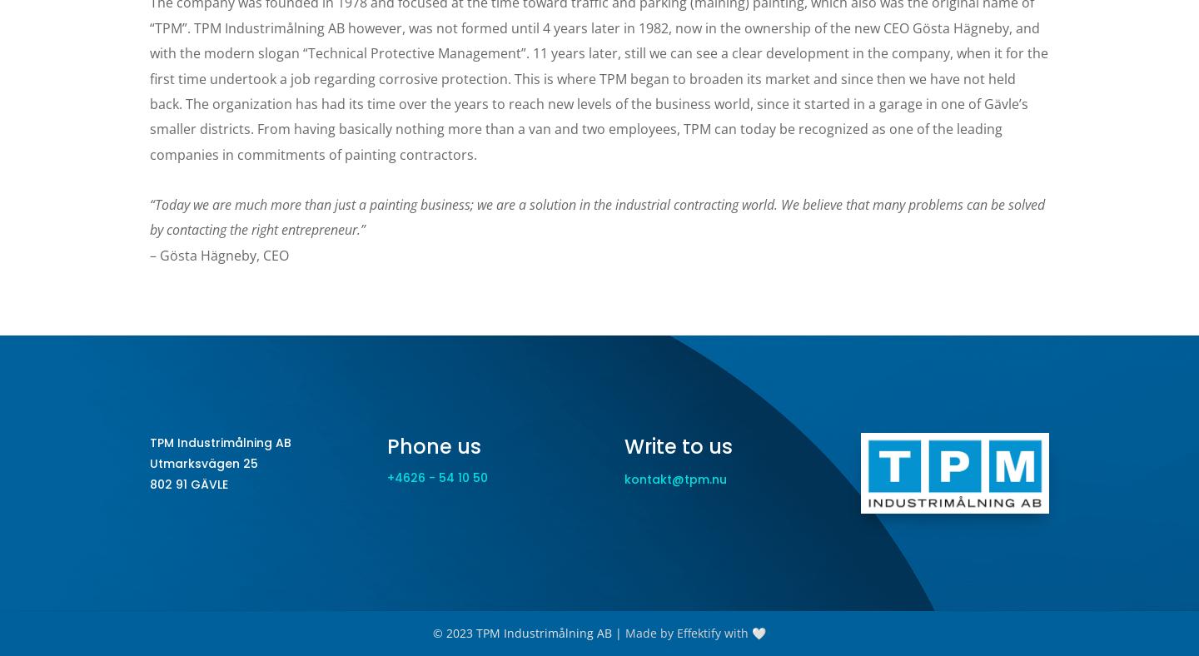 This screenshot has height=656, width=1199. I want to click on 'Today we are much more than just a painting business; we are a solution in the industrial contracting world. We believe that many problems can be solved by contacting the right entrepreneur.', so click(597, 216).